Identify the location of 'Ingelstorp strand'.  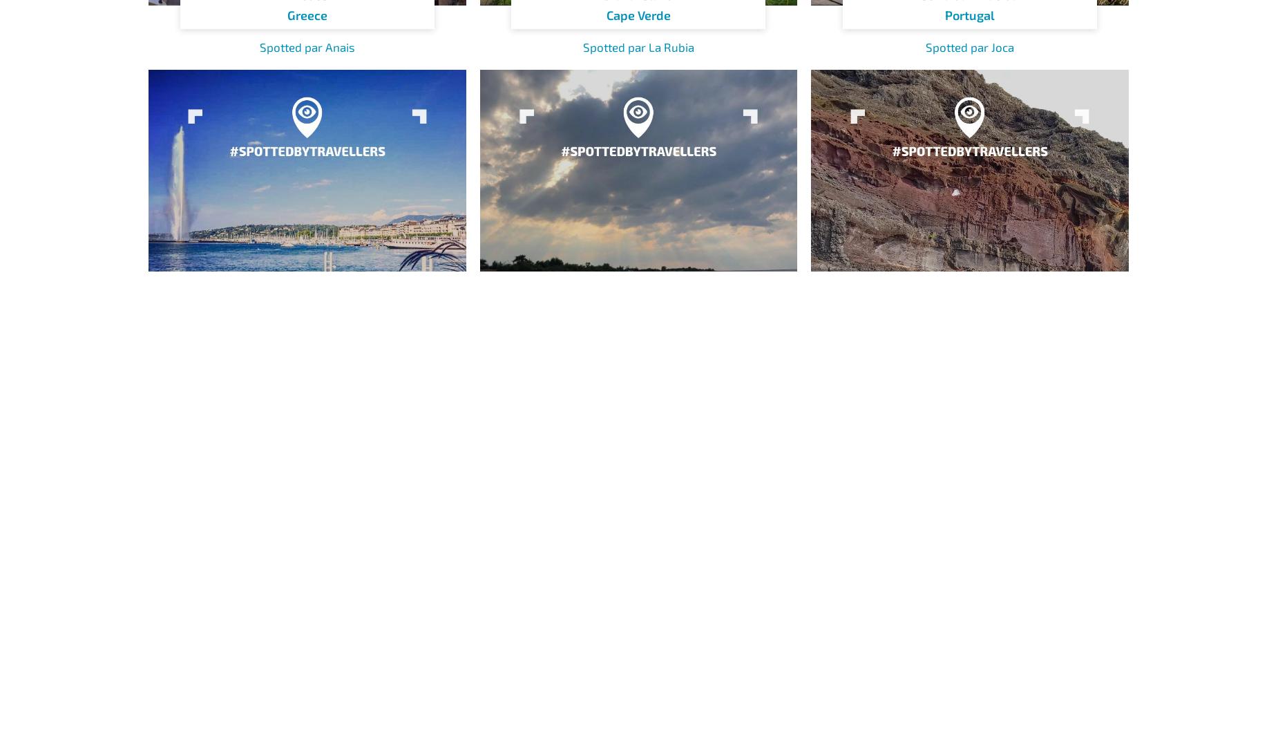
(638, 375).